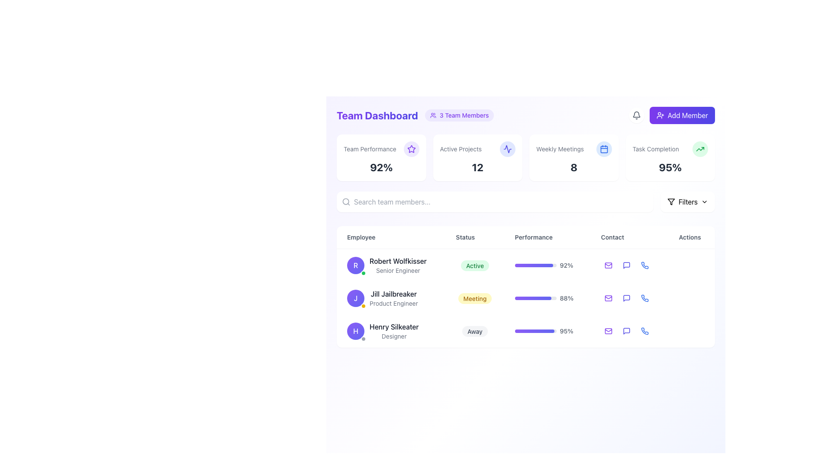 The image size is (831, 467). Describe the element at coordinates (525, 297) in the screenshot. I see `on the employee name 'Henry Silkeater' in the third row of the table under the 'Team Dashboard' for detailed profile view` at that location.